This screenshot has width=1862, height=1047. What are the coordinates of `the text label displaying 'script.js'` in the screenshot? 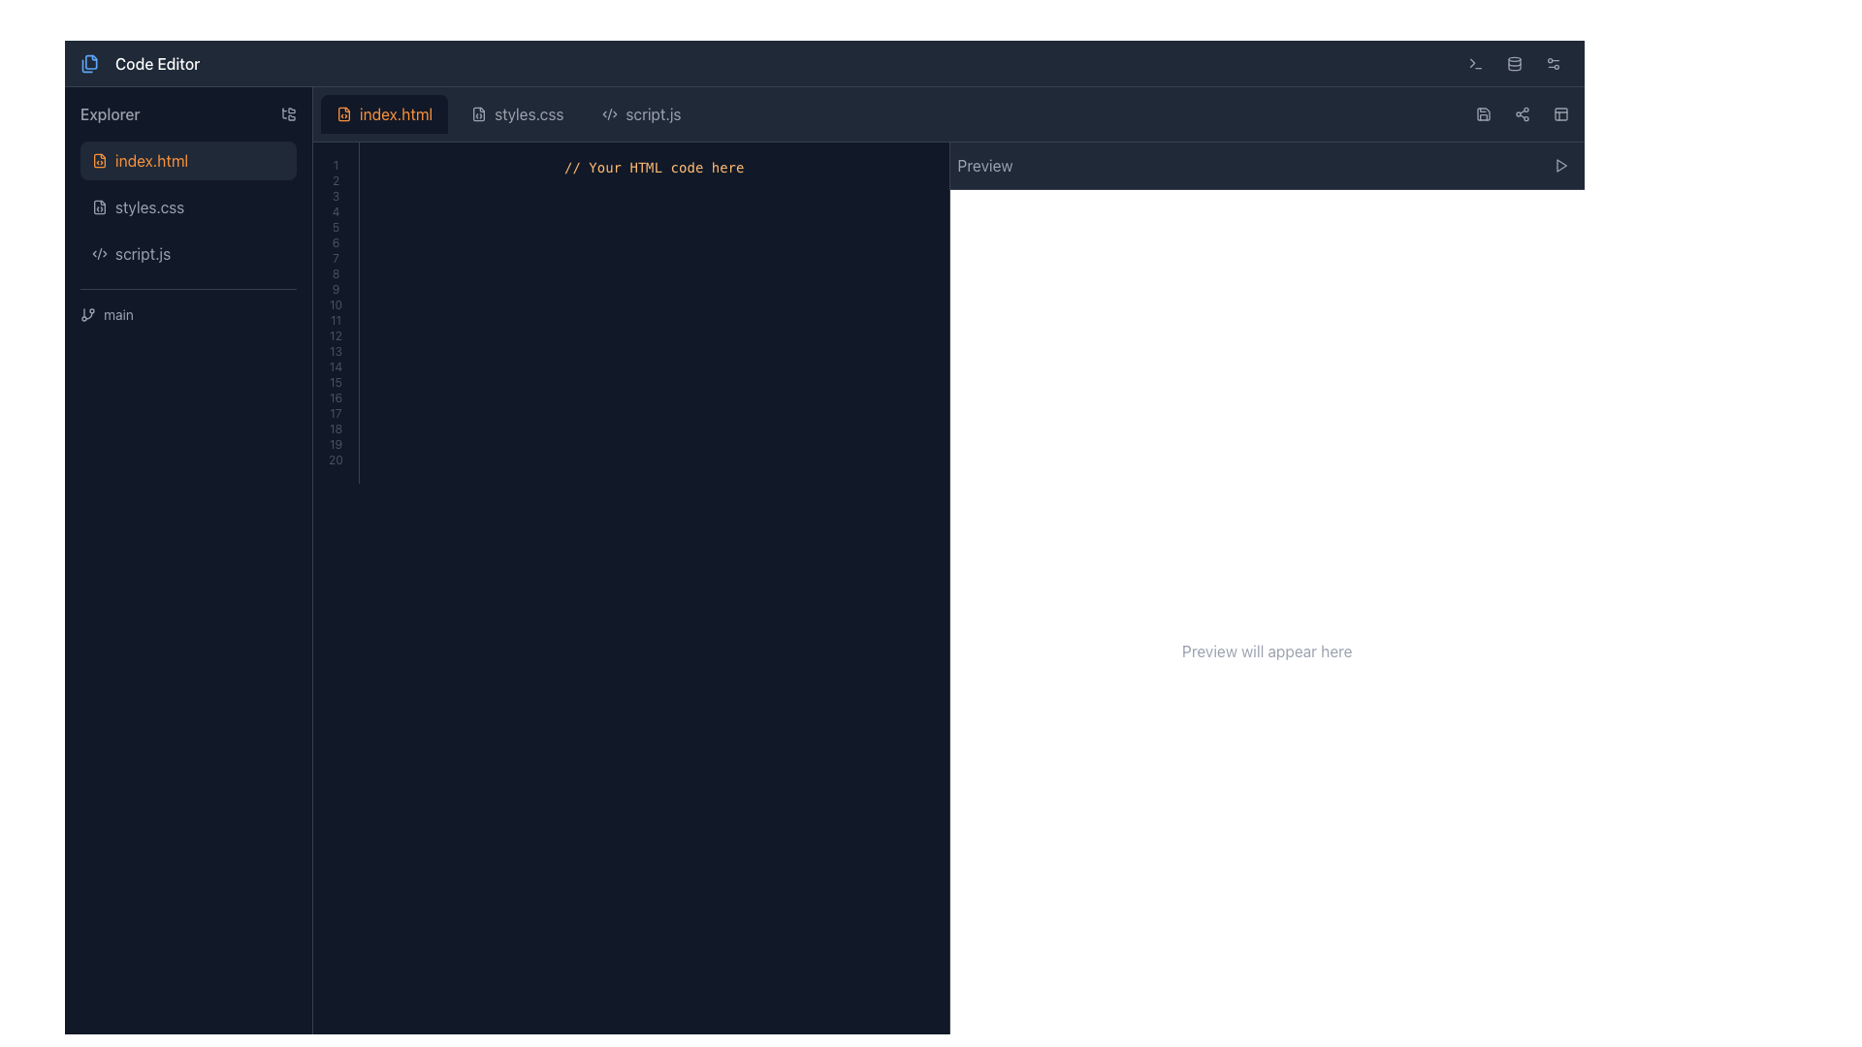 It's located at (142, 253).